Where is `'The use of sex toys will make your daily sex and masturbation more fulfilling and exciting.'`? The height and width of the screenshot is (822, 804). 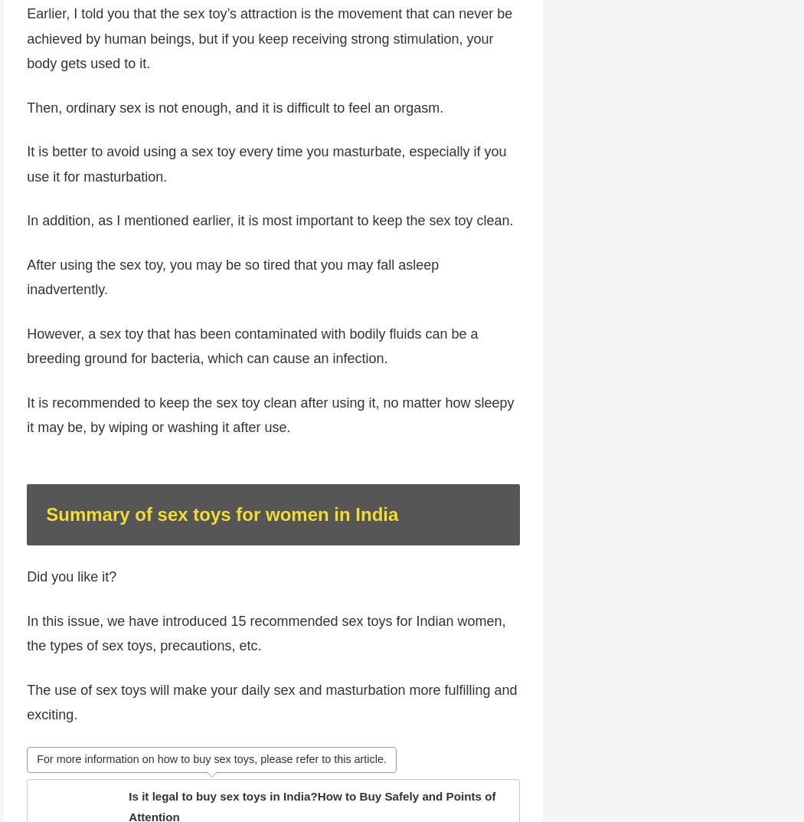
'The use of sex toys will make your daily sex and masturbation more fulfilling and exciting.' is located at coordinates (271, 730).